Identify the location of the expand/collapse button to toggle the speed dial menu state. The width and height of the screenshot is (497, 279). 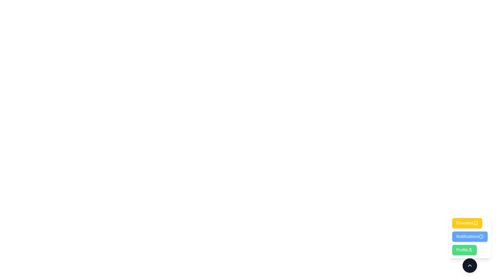
(470, 266).